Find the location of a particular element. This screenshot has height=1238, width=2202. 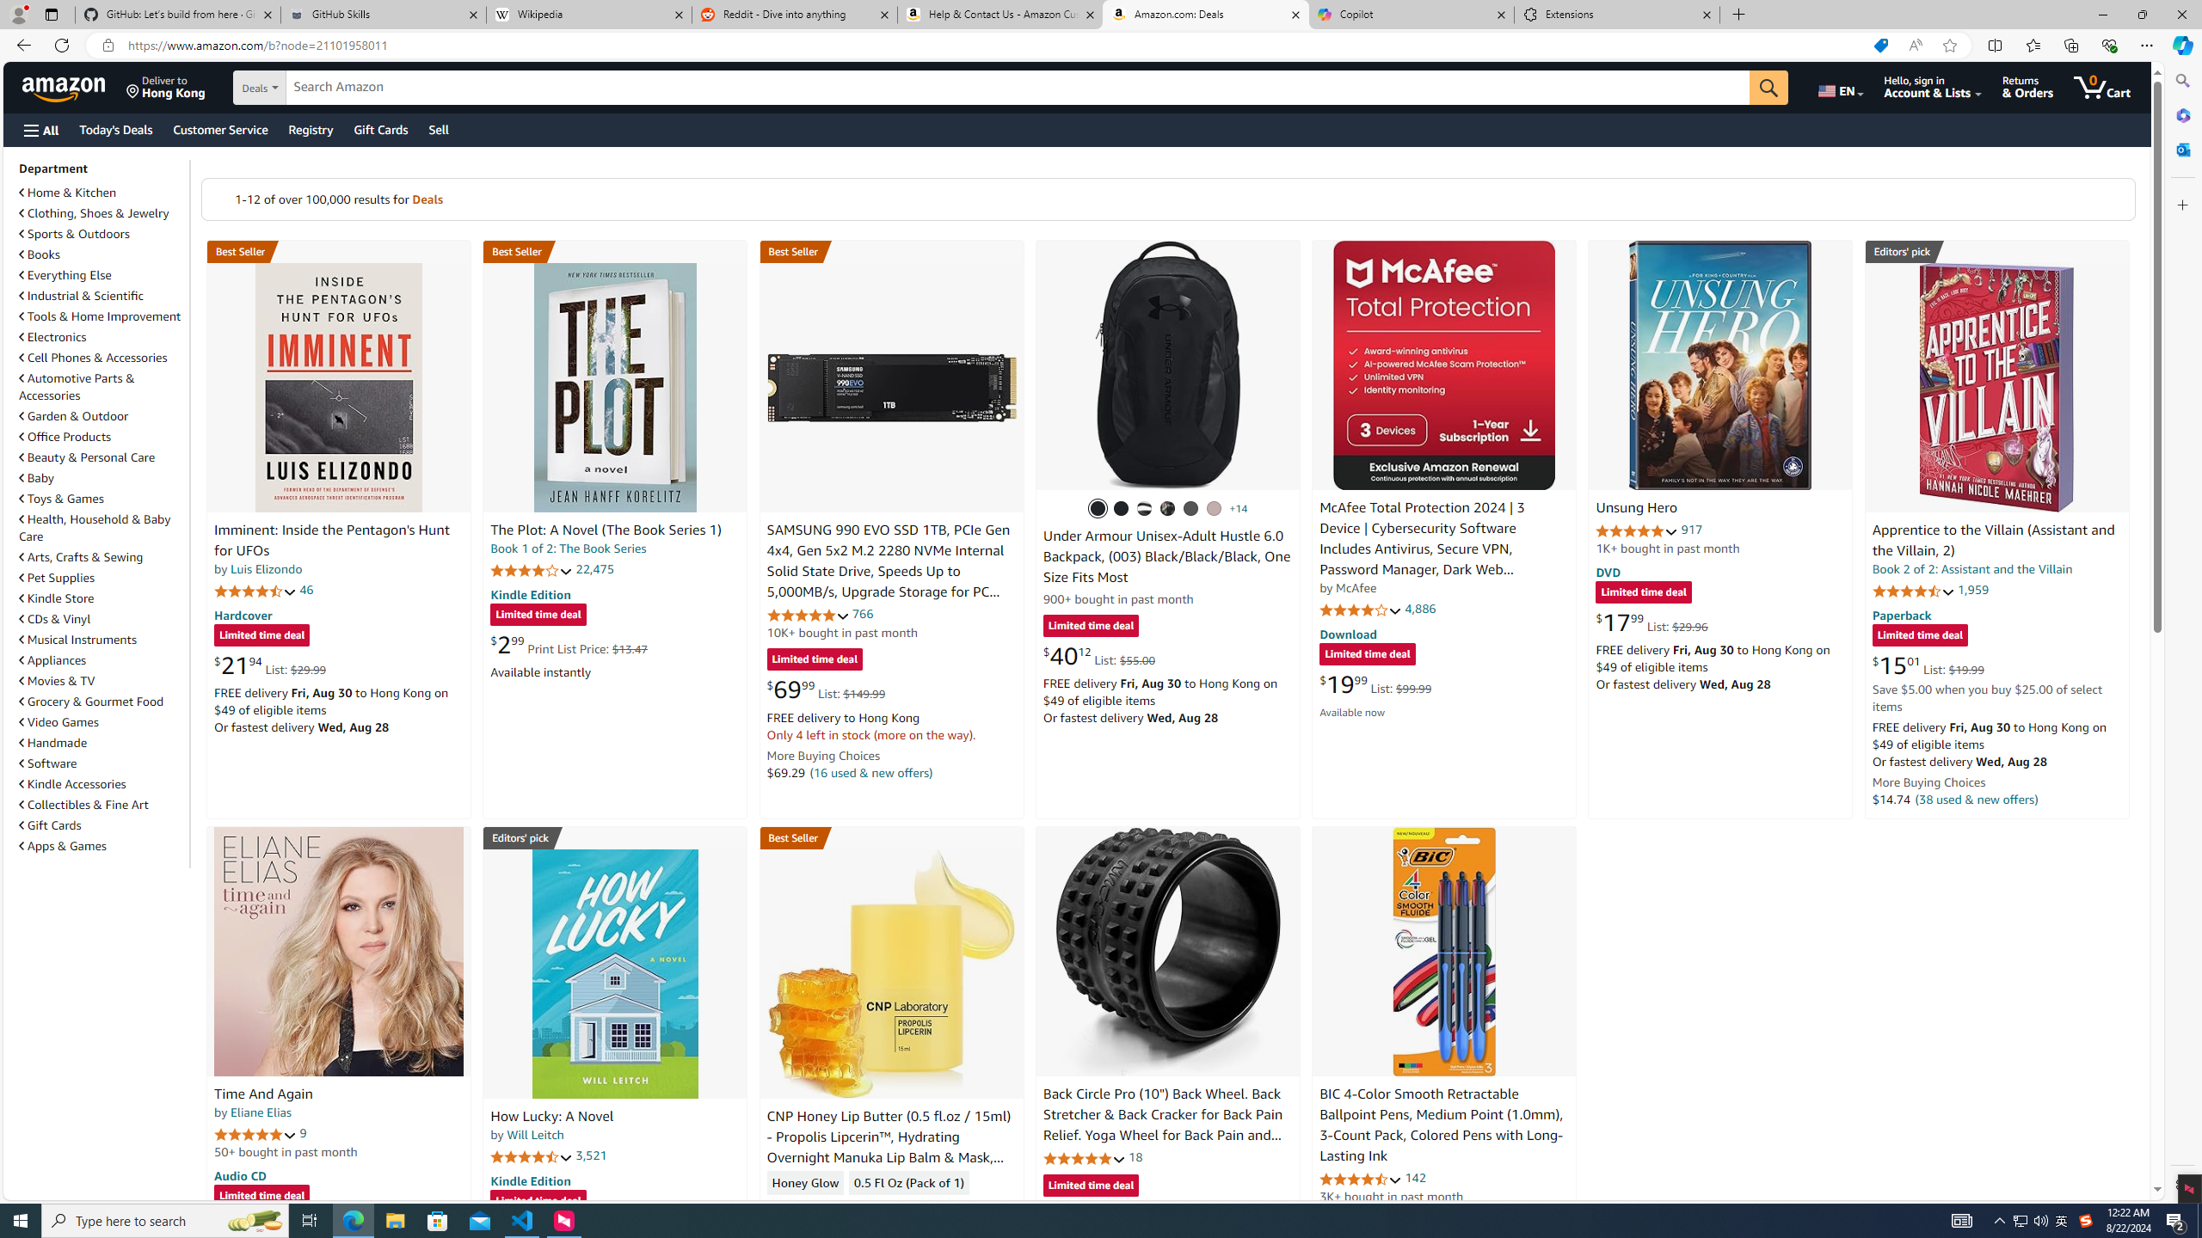

'Shopping in Microsoft Edge' is located at coordinates (1879, 46).